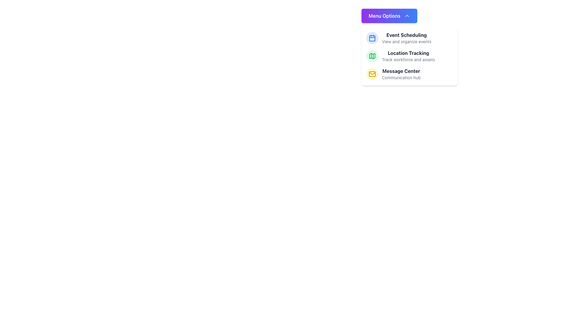 The image size is (576, 324). What do you see at coordinates (408, 53) in the screenshot?
I see `the Text Label displaying 'Location Tracking' in bold dark gray font, which is located in the third menu item under the 'Menu Options' section, positioned between 'Event Scheduling' and 'Message Center'` at bounding box center [408, 53].